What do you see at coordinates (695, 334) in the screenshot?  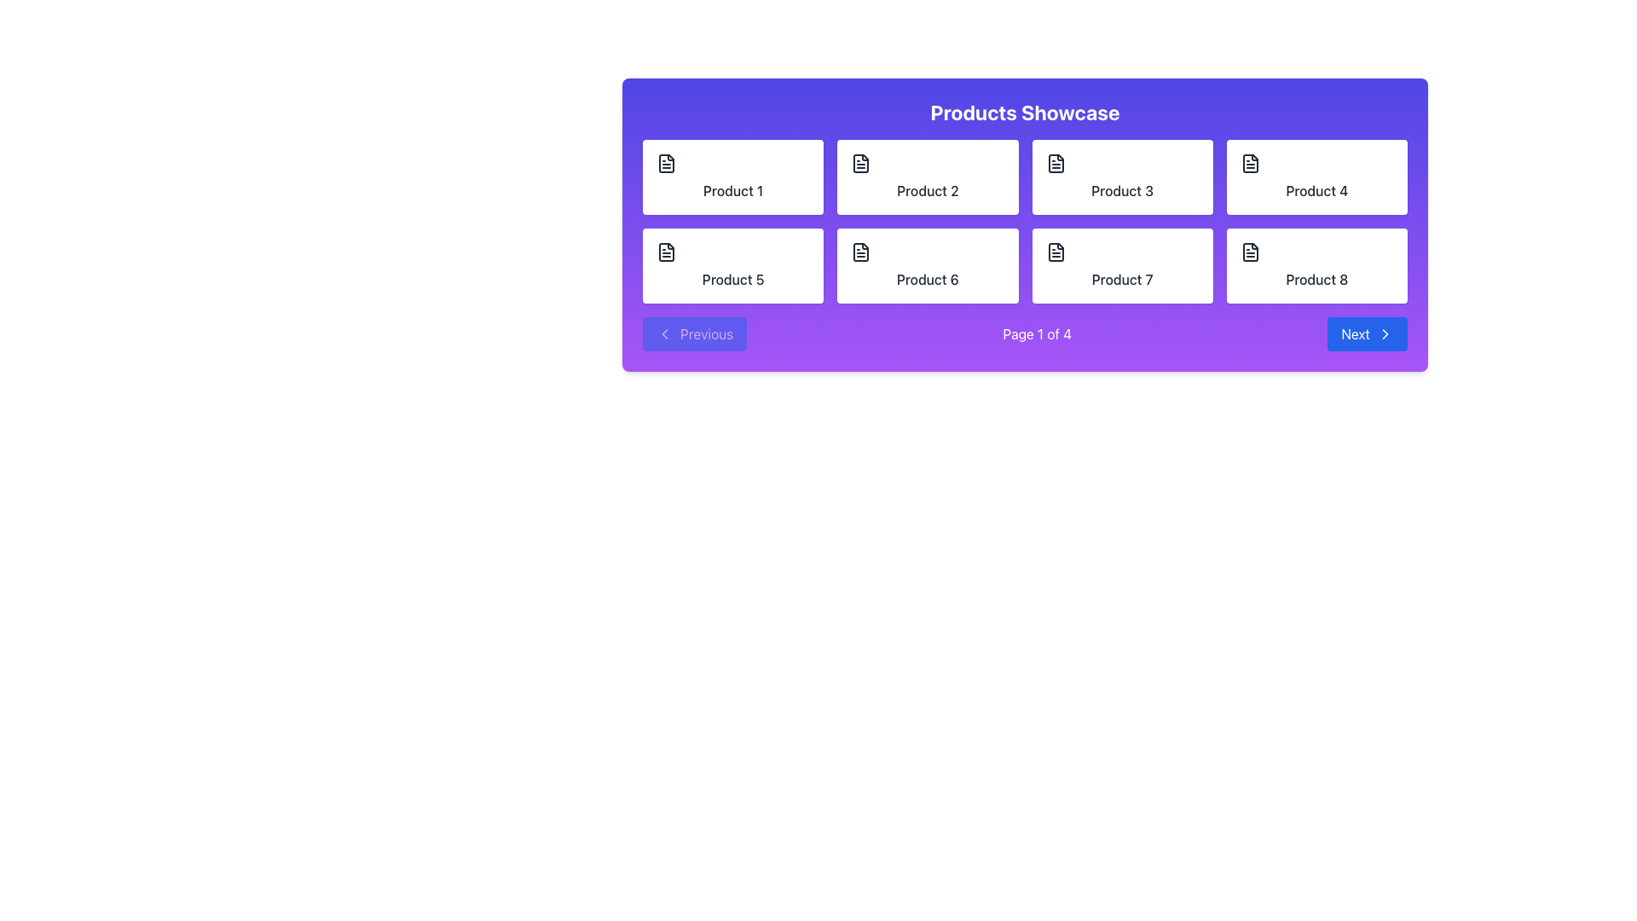 I see `the navigation button on the left side of the navigation bar` at bounding box center [695, 334].